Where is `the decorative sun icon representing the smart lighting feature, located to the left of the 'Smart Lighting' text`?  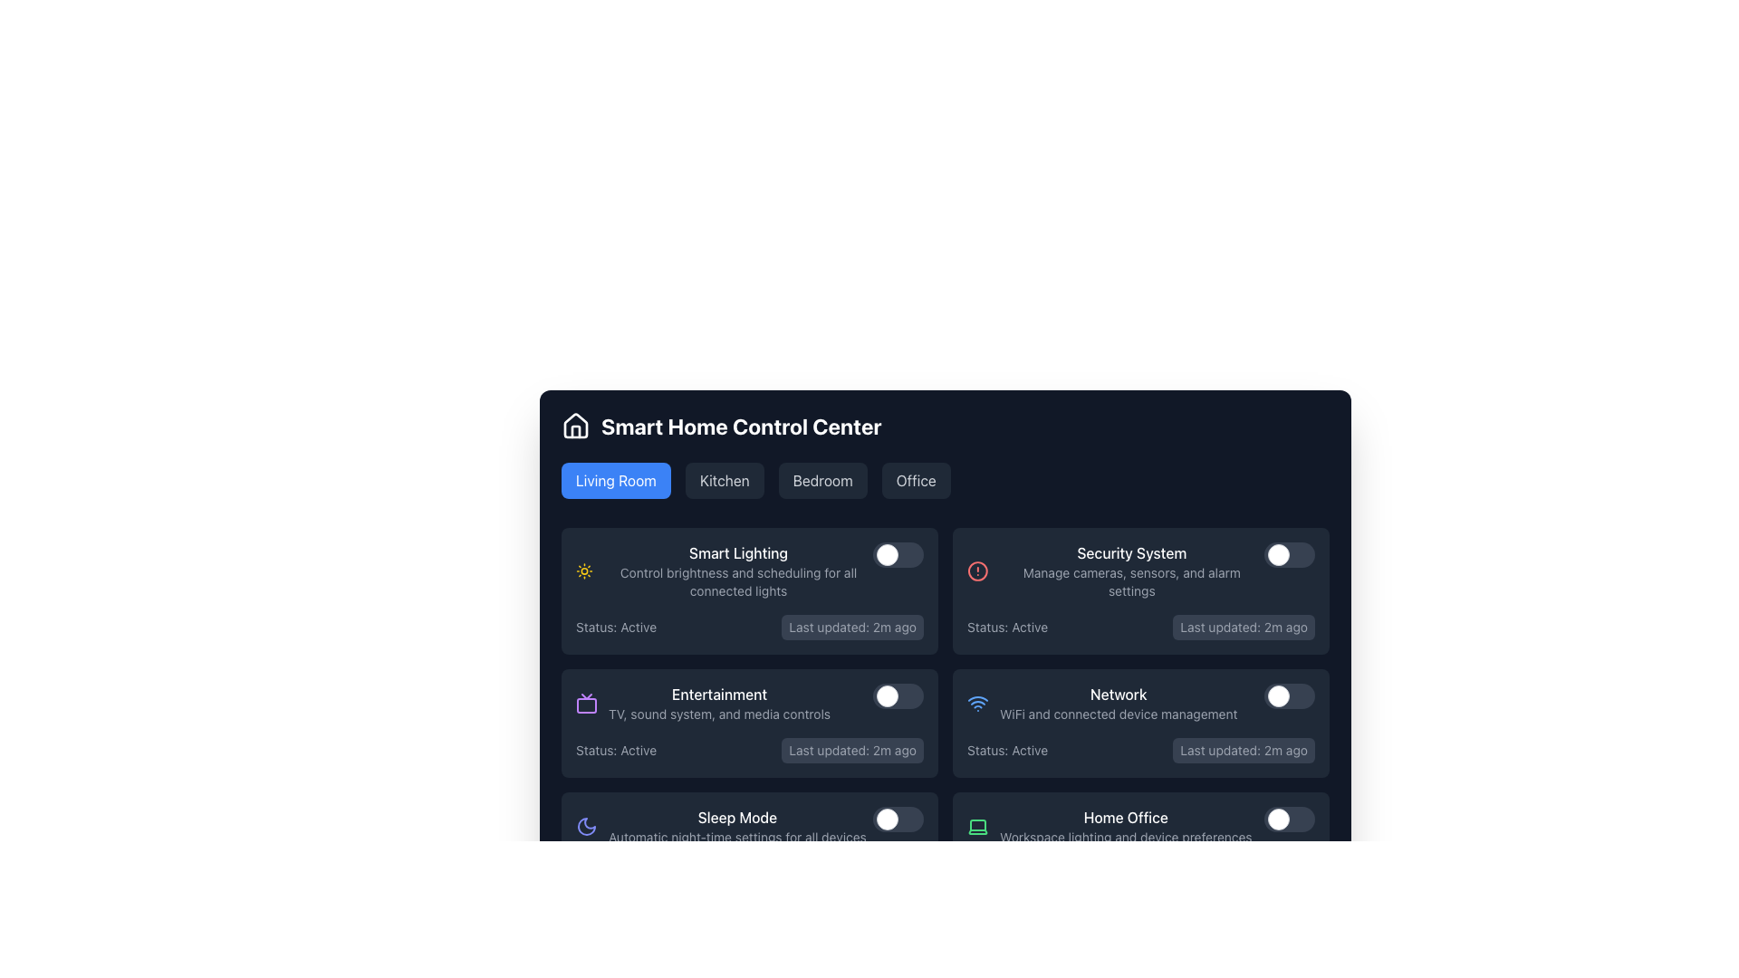
the decorative sun icon representing the smart lighting feature, located to the left of the 'Smart Lighting' text is located at coordinates (584, 571).